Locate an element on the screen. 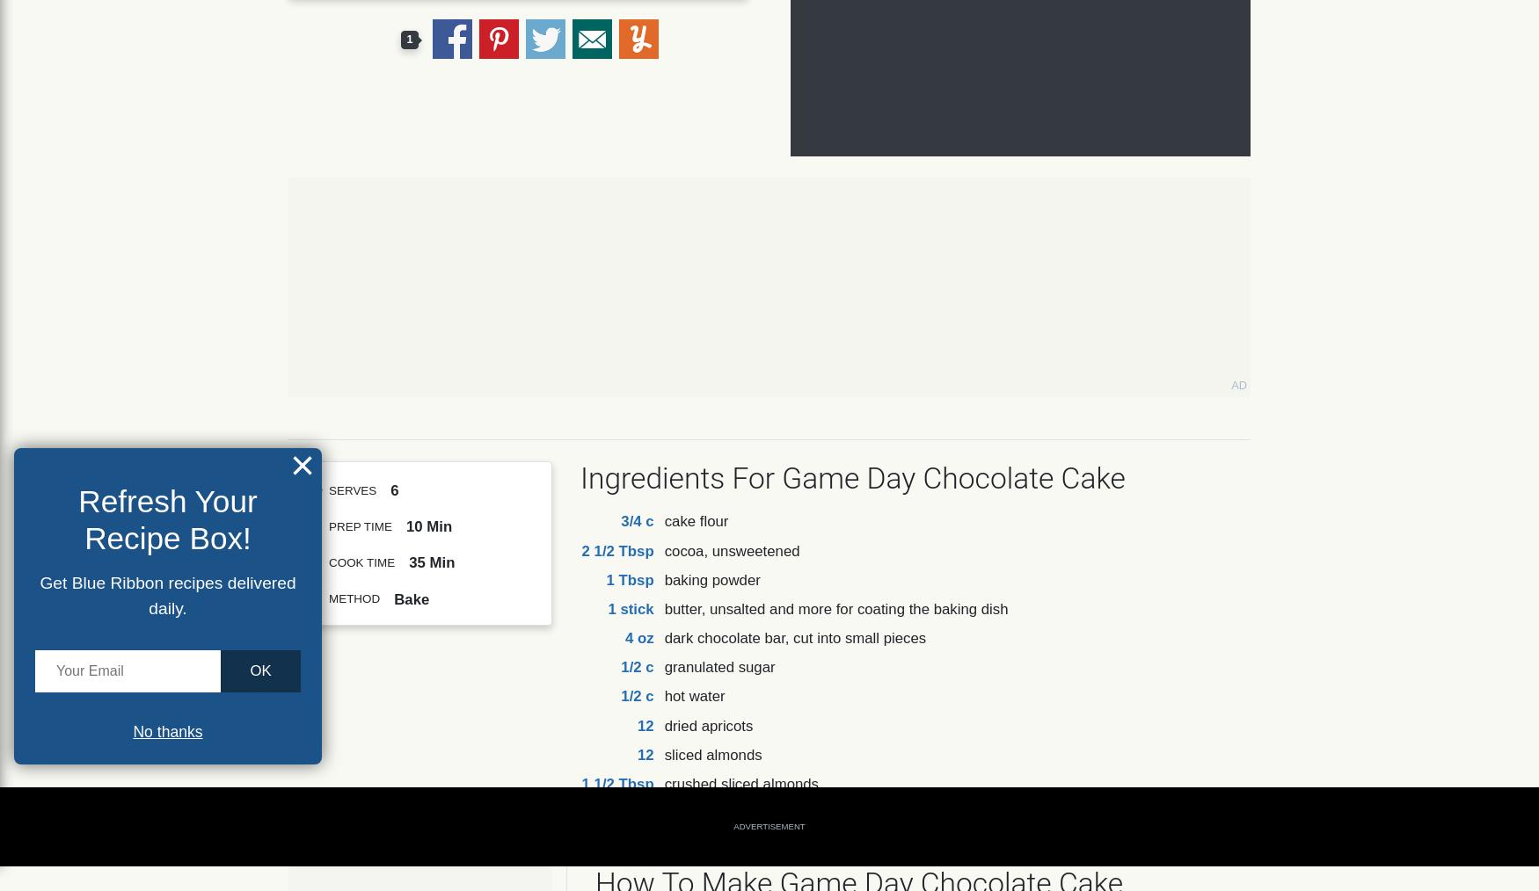 This screenshot has height=891, width=1539. 'No thanks' is located at coordinates (167, 730).